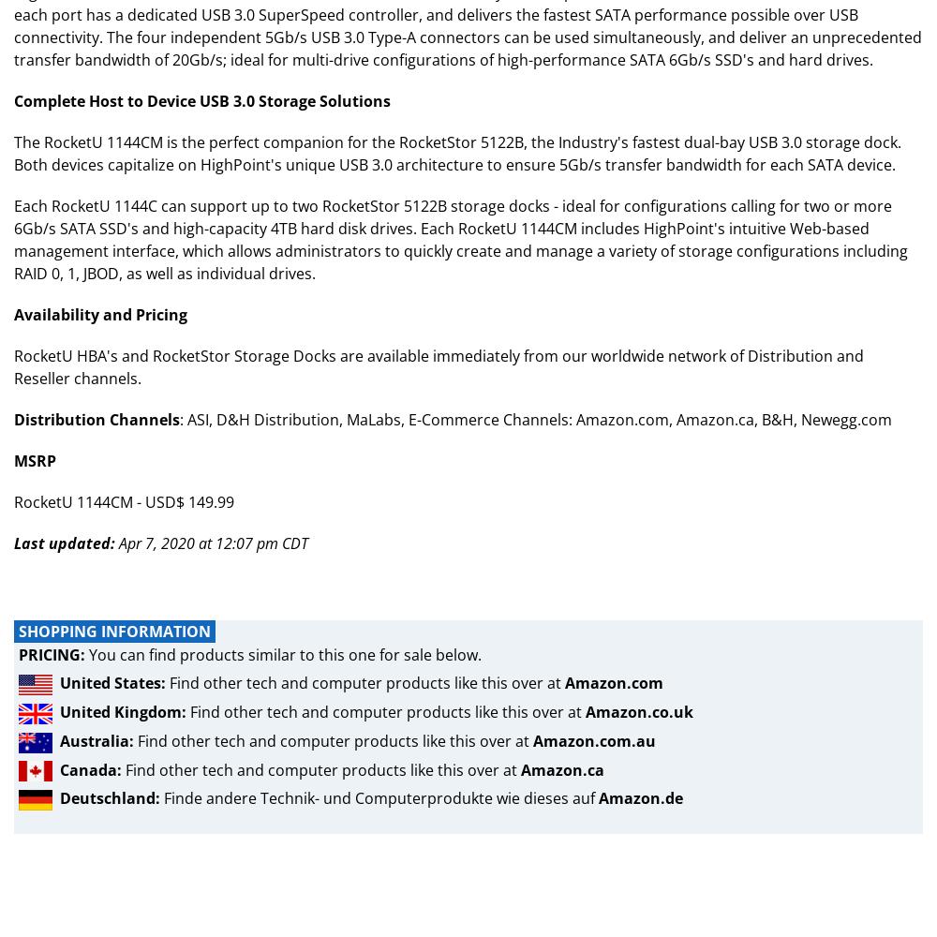  What do you see at coordinates (283, 654) in the screenshot?
I see `'You can find products similar to this one for sale below.'` at bounding box center [283, 654].